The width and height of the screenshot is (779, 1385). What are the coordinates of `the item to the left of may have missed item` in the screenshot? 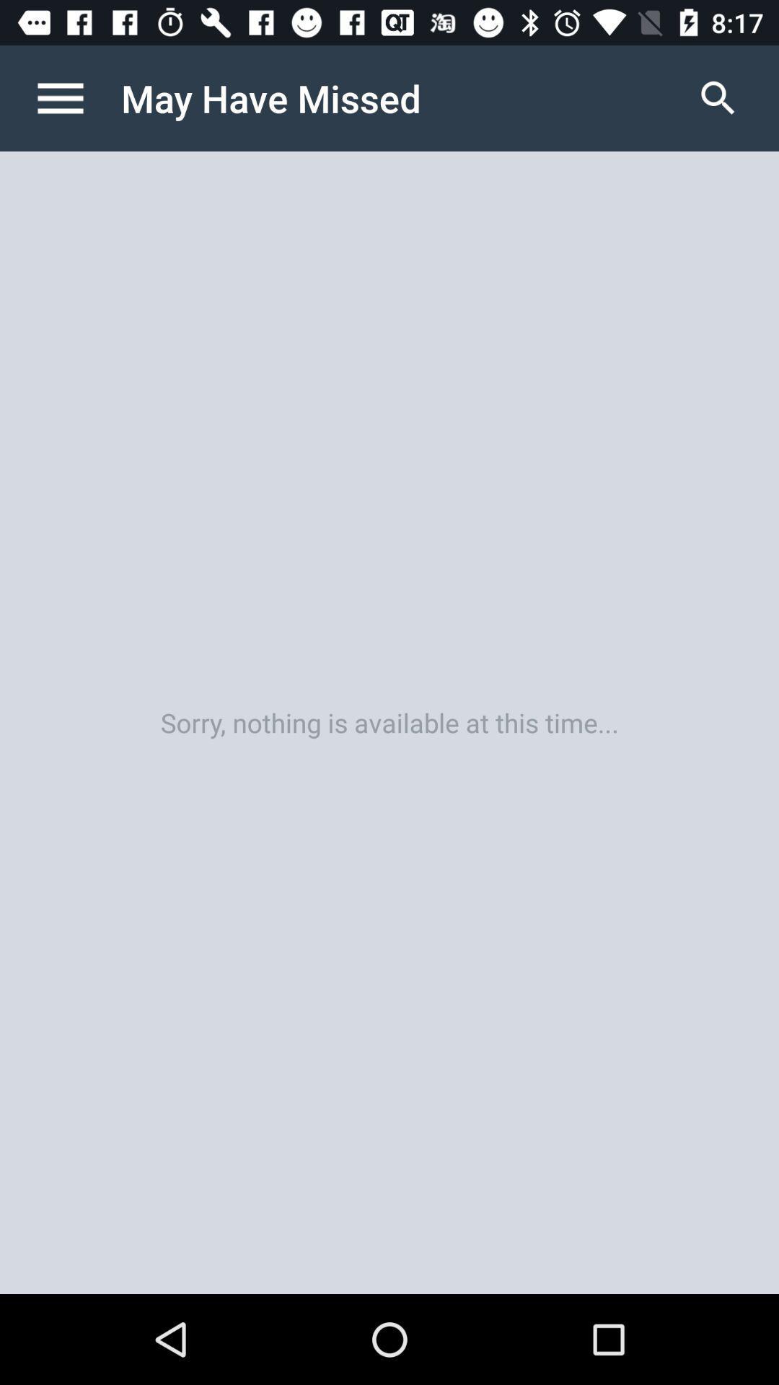 It's located at (75, 97).